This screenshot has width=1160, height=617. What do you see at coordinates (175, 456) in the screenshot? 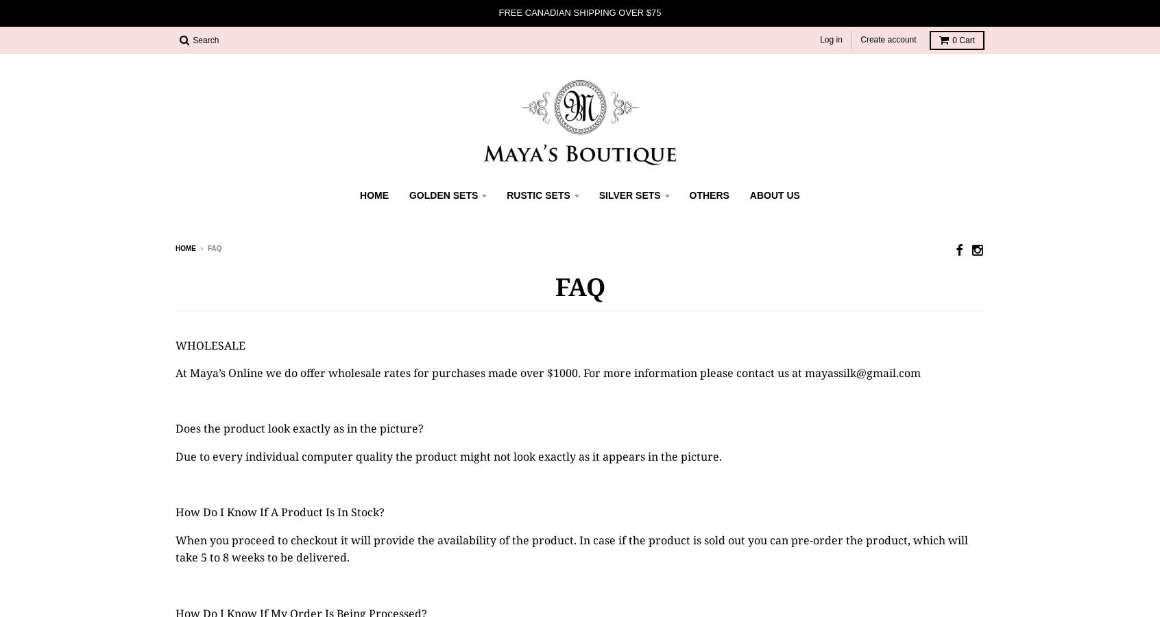
I see `'Due to every individual computer quality the product might not look exactly as it appears in the picture.'` at bounding box center [175, 456].